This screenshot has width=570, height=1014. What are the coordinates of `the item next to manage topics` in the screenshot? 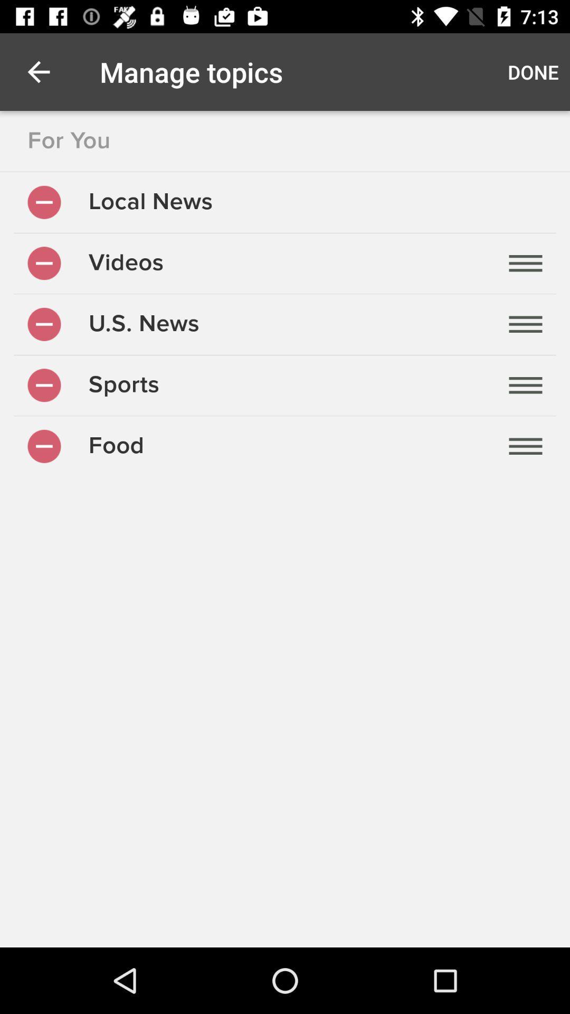 It's located at (533, 71).